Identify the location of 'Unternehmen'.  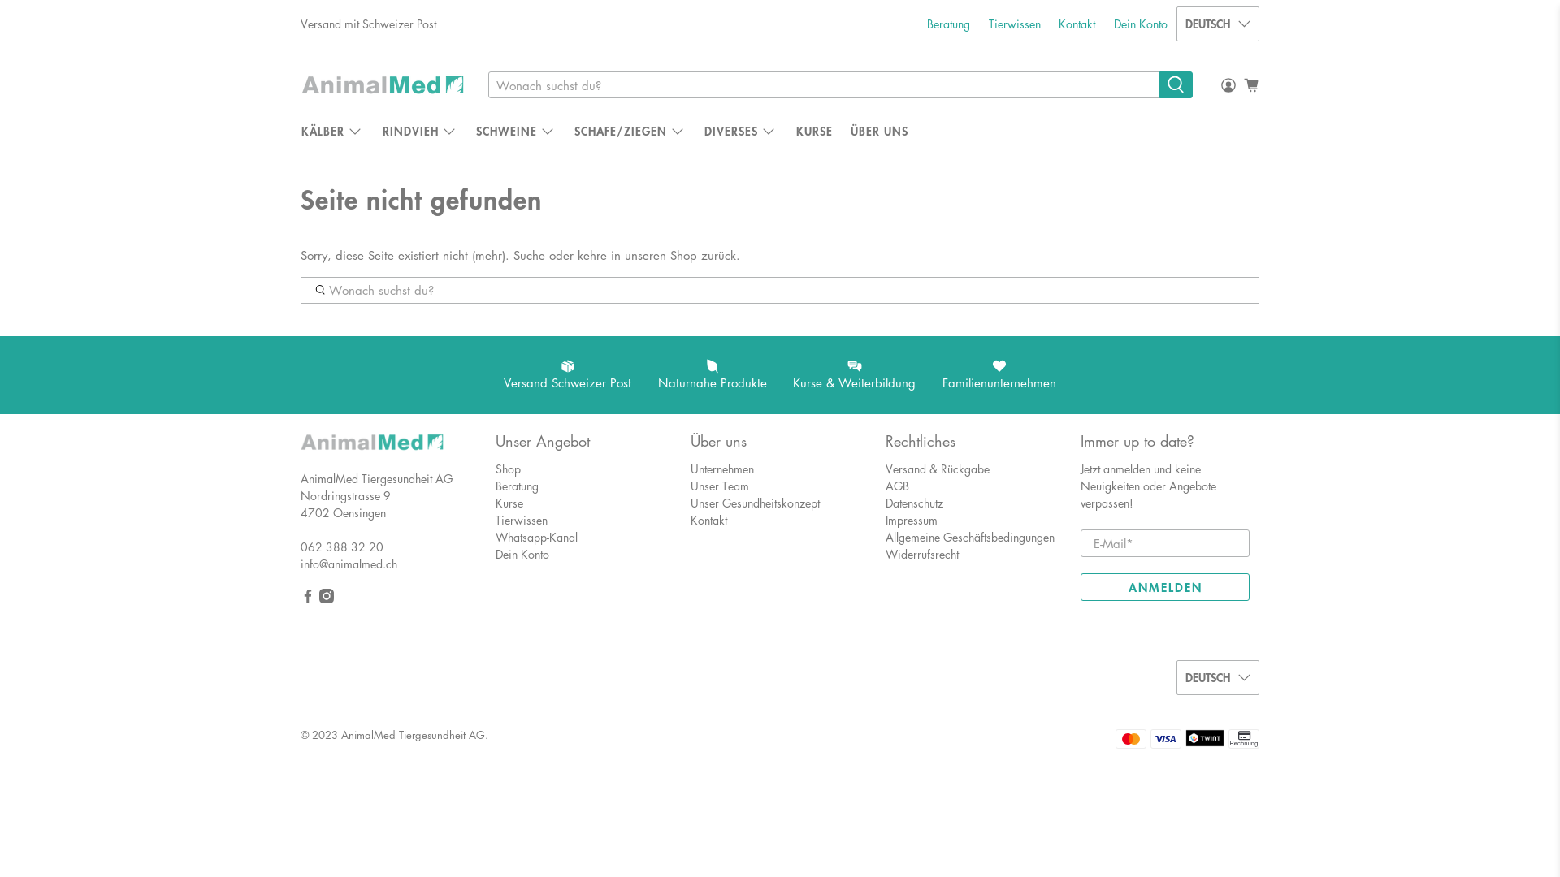
(721, 469).